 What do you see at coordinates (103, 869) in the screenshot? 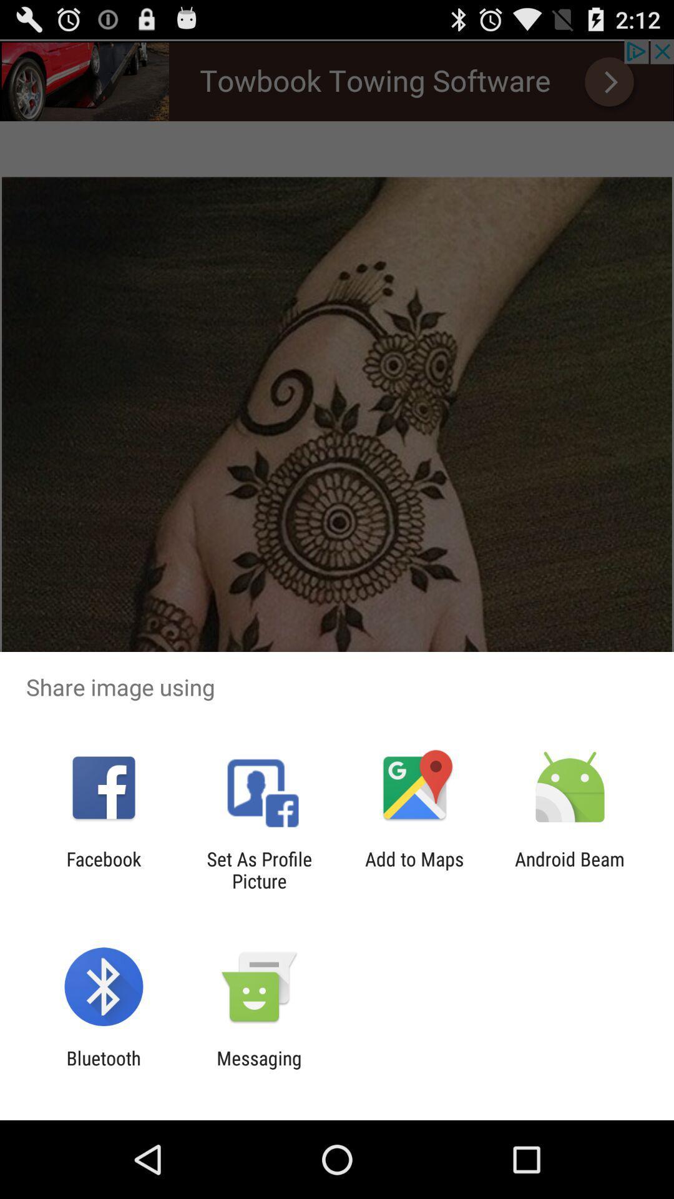
I see `the icon to the left of set as profile app` at bounding box center [103, 869].